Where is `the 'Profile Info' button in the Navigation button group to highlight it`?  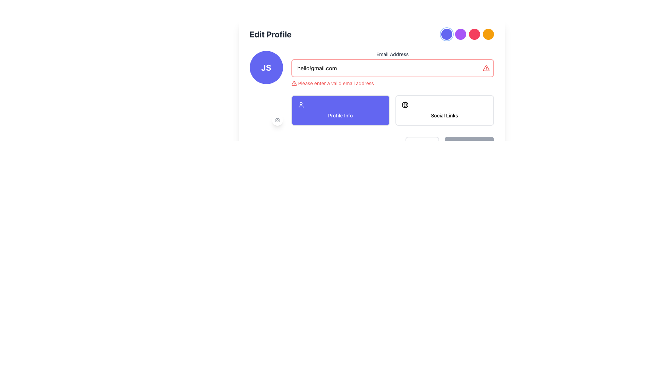
the 'Profile Info' button in the Navigation button group to highlight it is located at coordinates (392, 110).